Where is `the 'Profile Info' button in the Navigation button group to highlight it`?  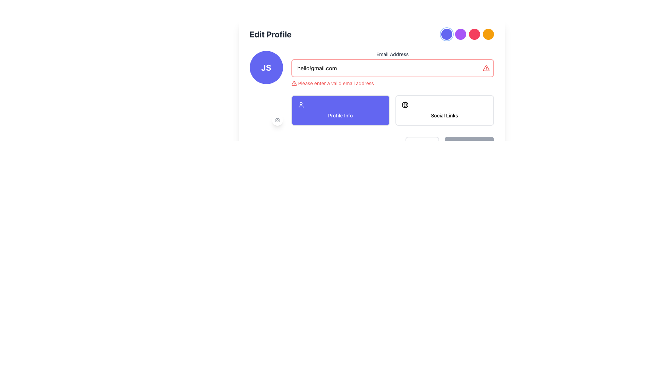
the 'Profile Info' button in the Navigation button group to highlight it is located at coordinates (392, 110).